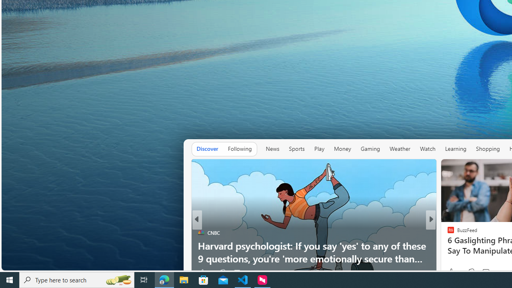 Image resolution: width=512 pixels, height=288 pixels. Describe the element at coordinates (400, 148) in the screenshot. I see `'Weather'` at that location.